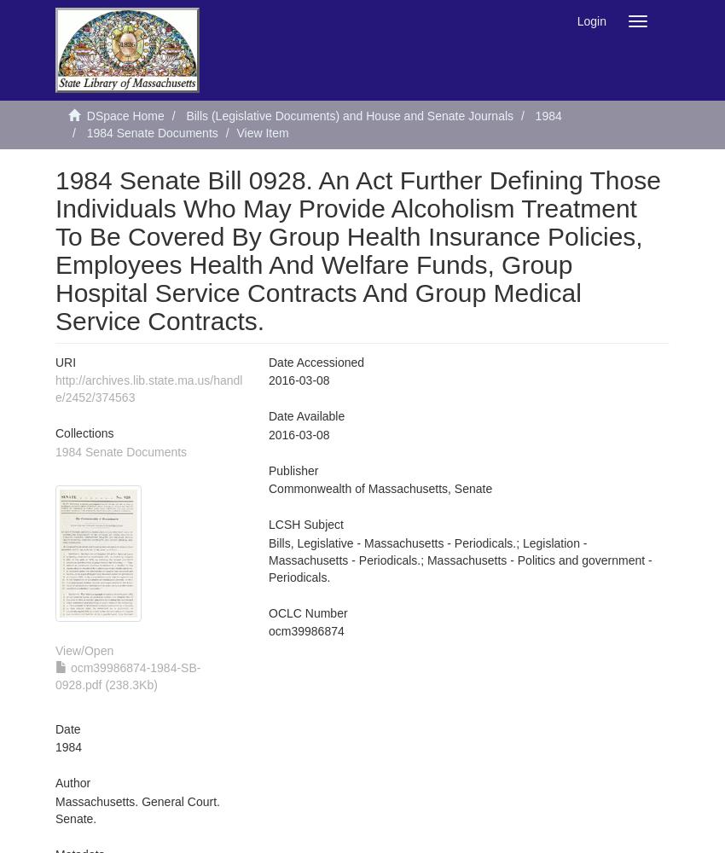 The width and height of the screenshot is (725, 853). I want to click on 'Bills, Legislative - Massachusetts - Periodicals.; Legislation - Massachusetts - Periodicals.; Massachusetts - Politics and government - Periodicals.', so click(459, 560).